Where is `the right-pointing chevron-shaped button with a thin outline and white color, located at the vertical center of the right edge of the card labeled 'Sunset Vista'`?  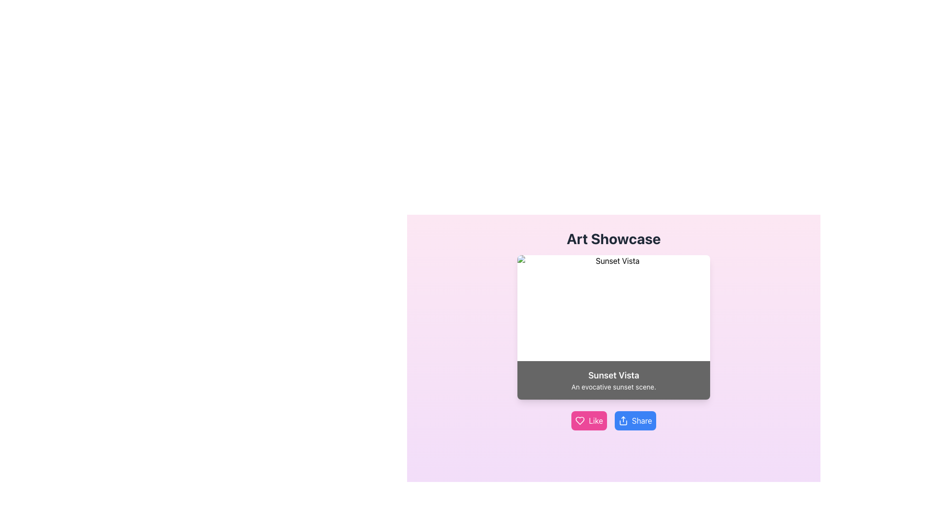
the right-pointing chevron-shaped button with a thin outline and white color, located at the vertical center of the right edge of the card labeled 'Sunset Vista' is located at coordinates (694, 326).